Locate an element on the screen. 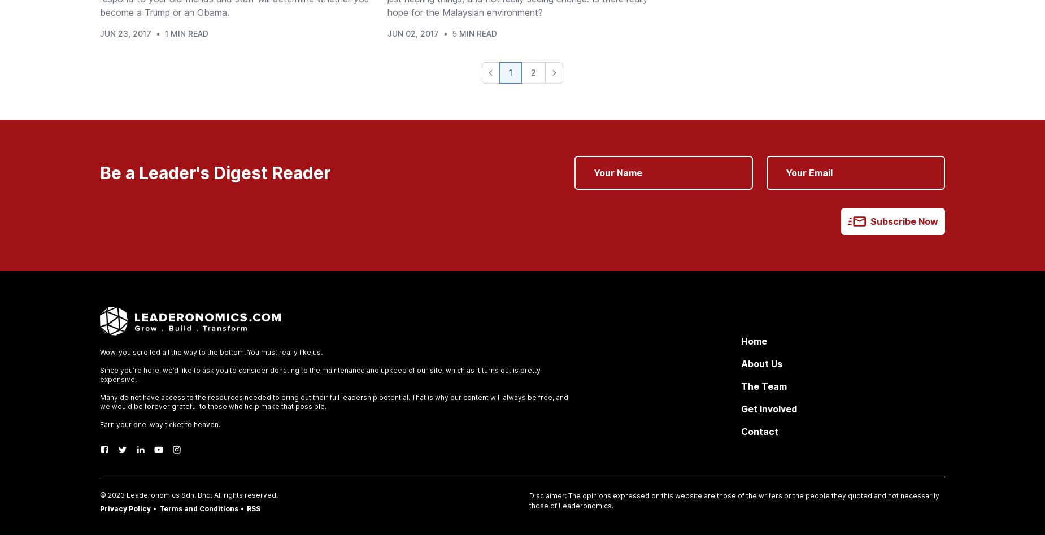 The width and height of the screenshot is (1045, 535). 'Earn your one-way ticket to heaven.' is located at coordinates (99, 424).